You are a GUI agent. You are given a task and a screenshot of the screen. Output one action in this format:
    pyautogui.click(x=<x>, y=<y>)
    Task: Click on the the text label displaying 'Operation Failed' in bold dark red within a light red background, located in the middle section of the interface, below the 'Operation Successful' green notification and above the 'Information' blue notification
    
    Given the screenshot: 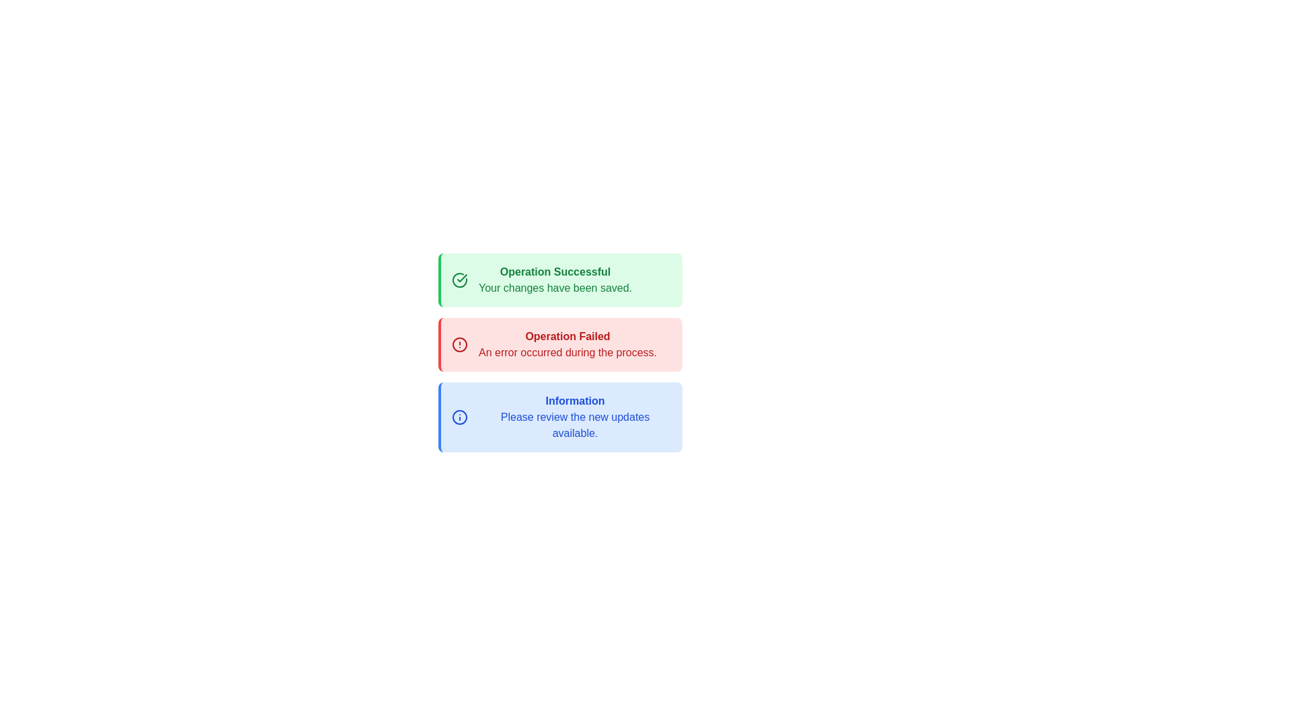 What is the action you would take?
    pyautogui.click(x=568, y=336)
    